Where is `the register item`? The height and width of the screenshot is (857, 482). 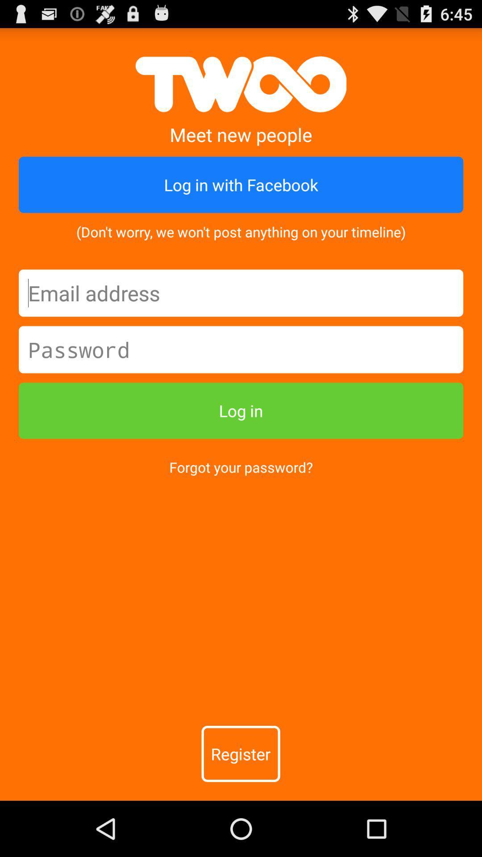
the register item is located at coordinates (240, 753).